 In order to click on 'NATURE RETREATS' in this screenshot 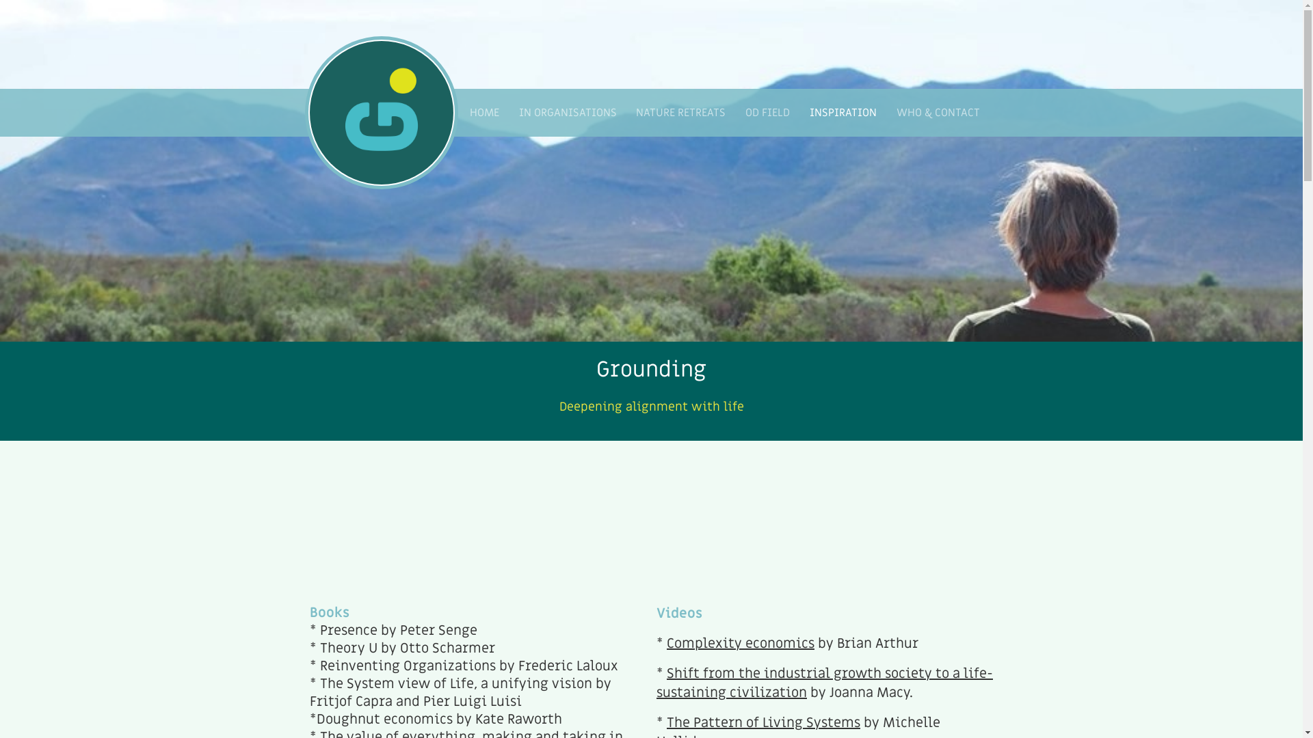, I will do `click(626, 112)`.